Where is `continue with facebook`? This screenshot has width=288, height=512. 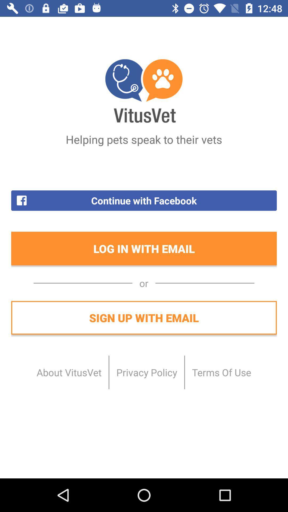
continue with facebook is located at coordinates (144, 200).